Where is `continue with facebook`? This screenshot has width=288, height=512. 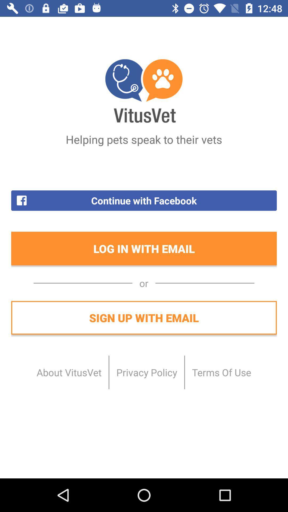
continue with facebook is located at coordinates (144, 200).